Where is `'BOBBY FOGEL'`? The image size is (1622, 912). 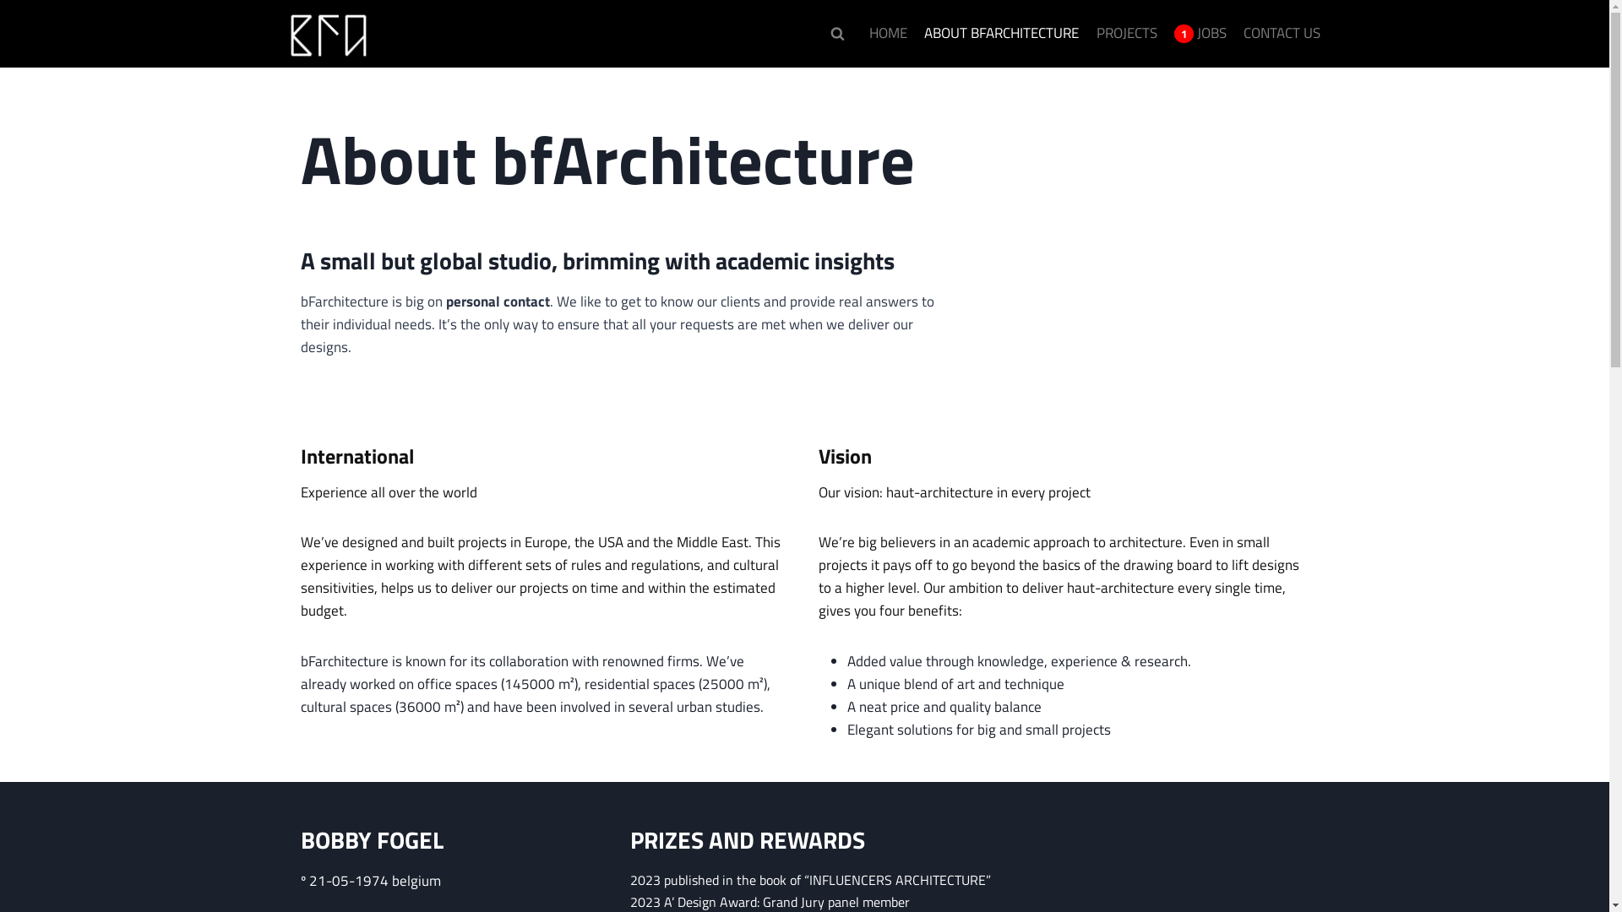 'BOBBY FOGEL' is located at coordinates (371, 839).